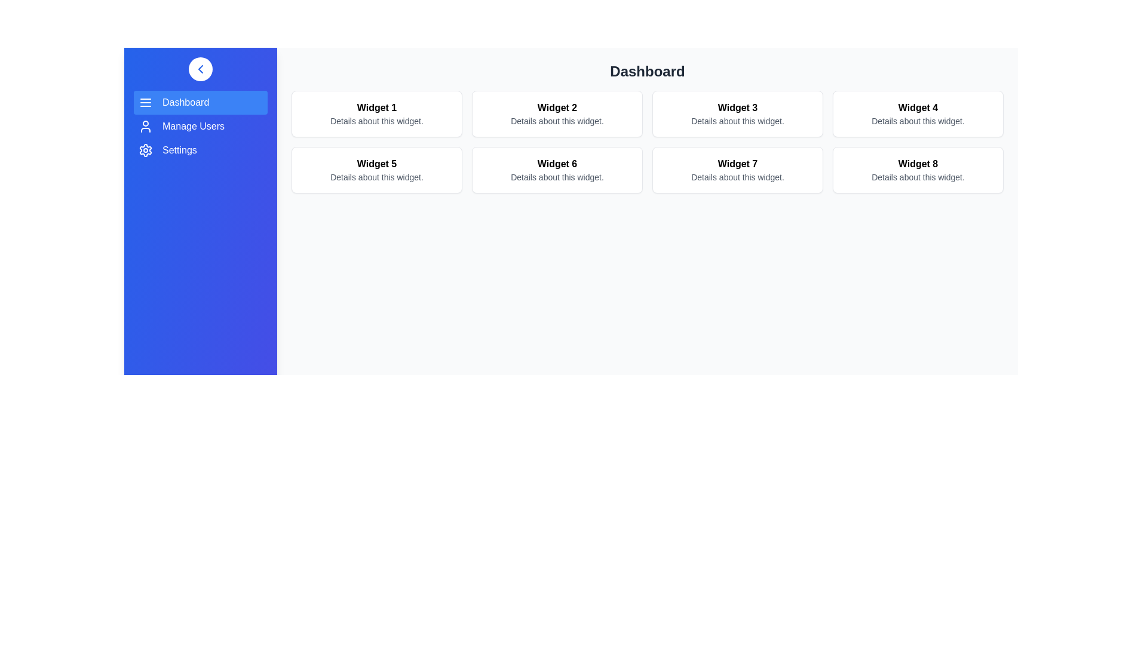 The image size is (1147, 645). Describe the element at coordinates (201, 127) in the screenshot. I see `the navigation item labeled Manage Users` at that location.